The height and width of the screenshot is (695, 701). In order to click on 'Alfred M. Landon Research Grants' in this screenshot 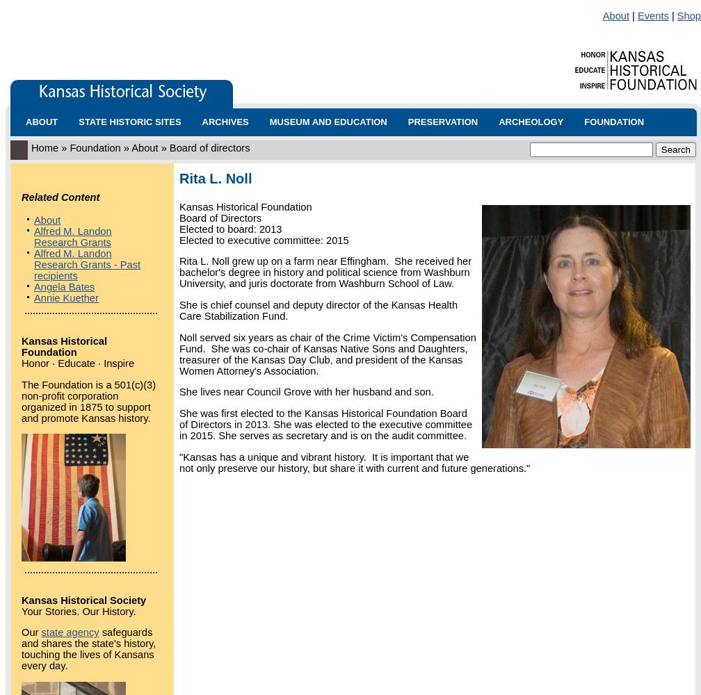, I will do `click(33, 236)`.